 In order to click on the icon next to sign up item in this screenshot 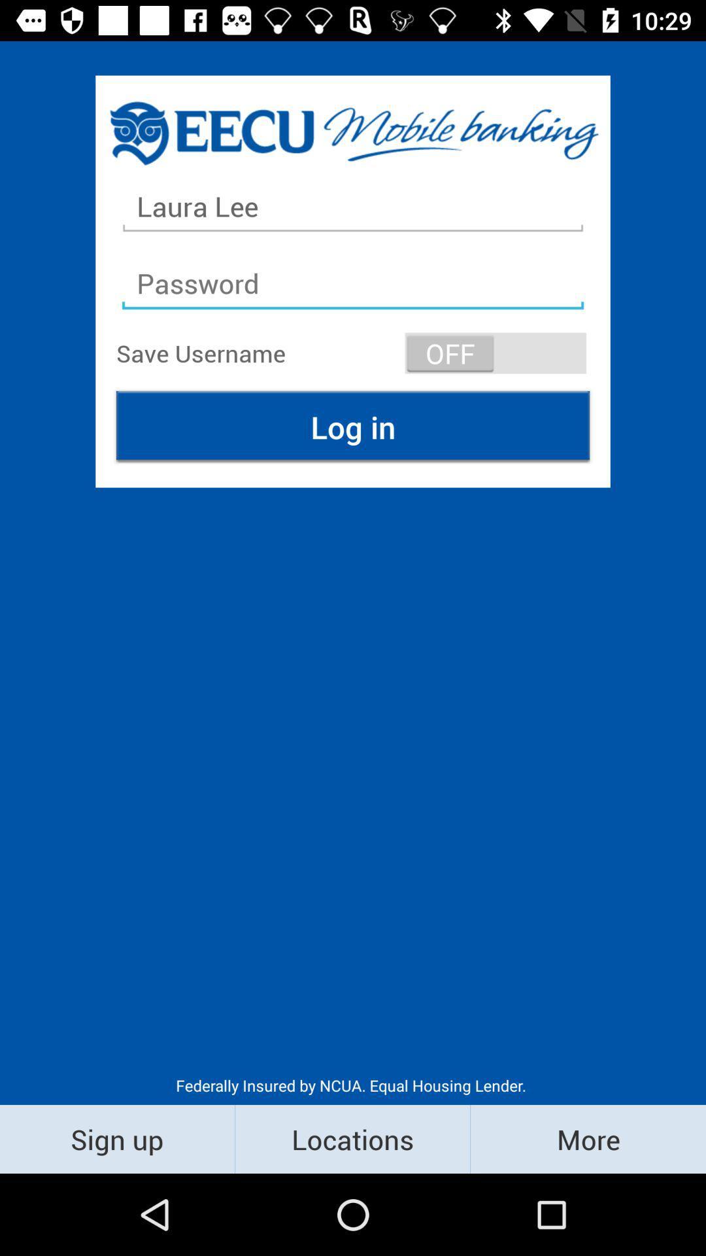, I will do `click(352, 1138)`.